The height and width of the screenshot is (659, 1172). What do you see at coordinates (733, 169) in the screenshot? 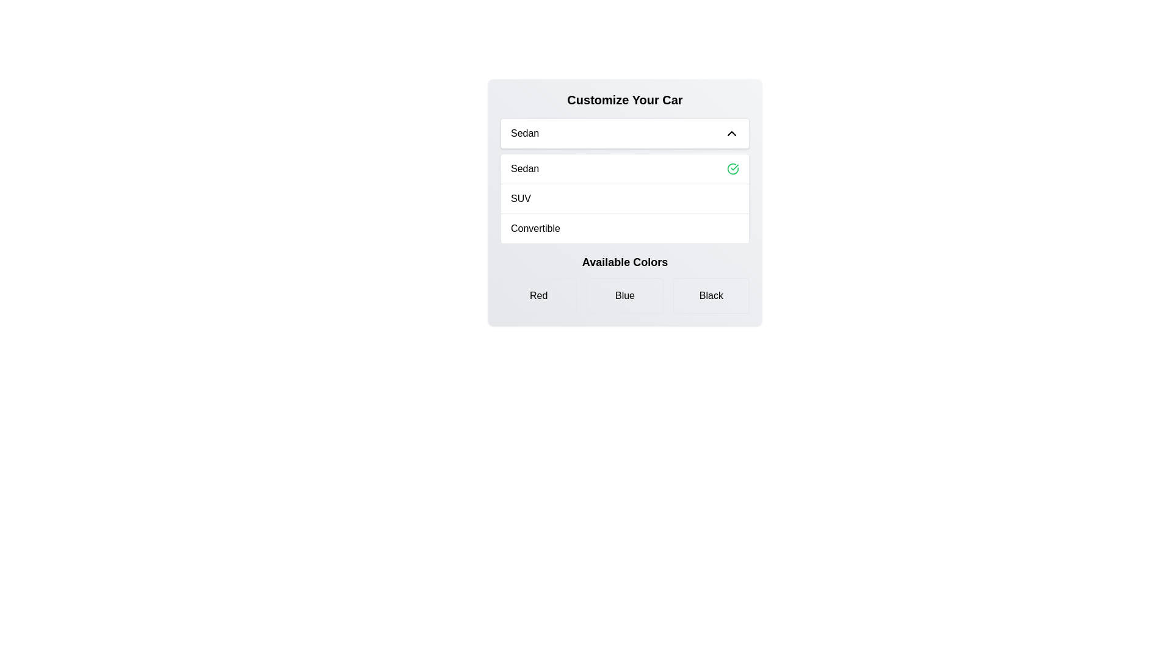
I see `the green circular check mark icon located to the far right of the 'Sedan' option in the dropdown menu under 'Customize Your Car'` at bounding box center [733, 169].